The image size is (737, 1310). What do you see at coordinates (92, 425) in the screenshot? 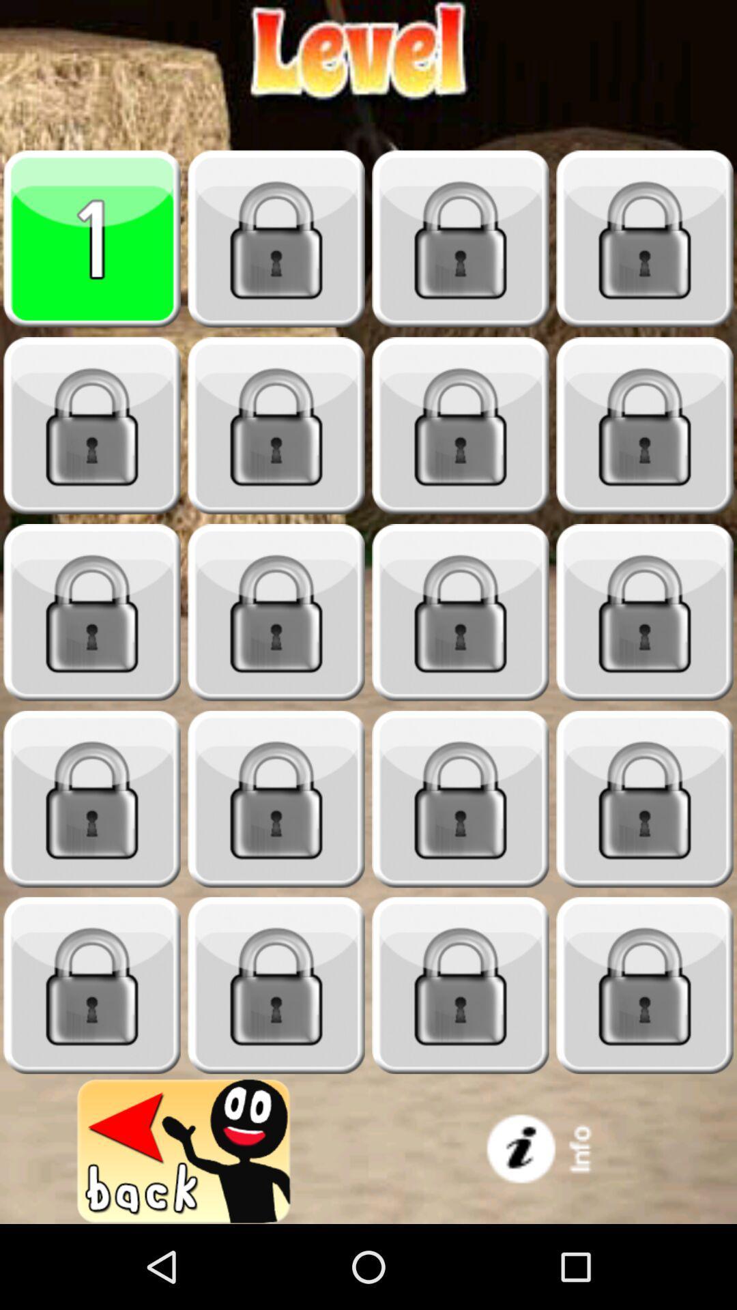
I see `see what is behind the lock icon` at bounding box center [92, 425].